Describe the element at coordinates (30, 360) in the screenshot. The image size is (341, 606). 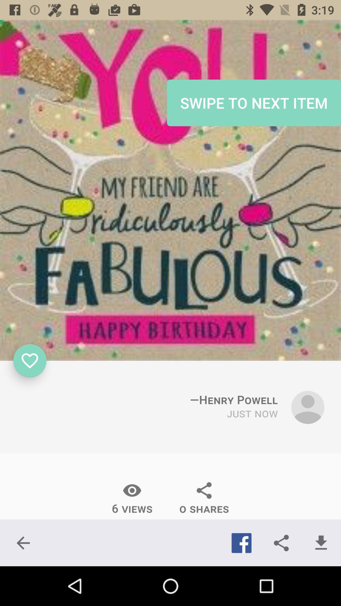
I see `the favorite icon` at that location.